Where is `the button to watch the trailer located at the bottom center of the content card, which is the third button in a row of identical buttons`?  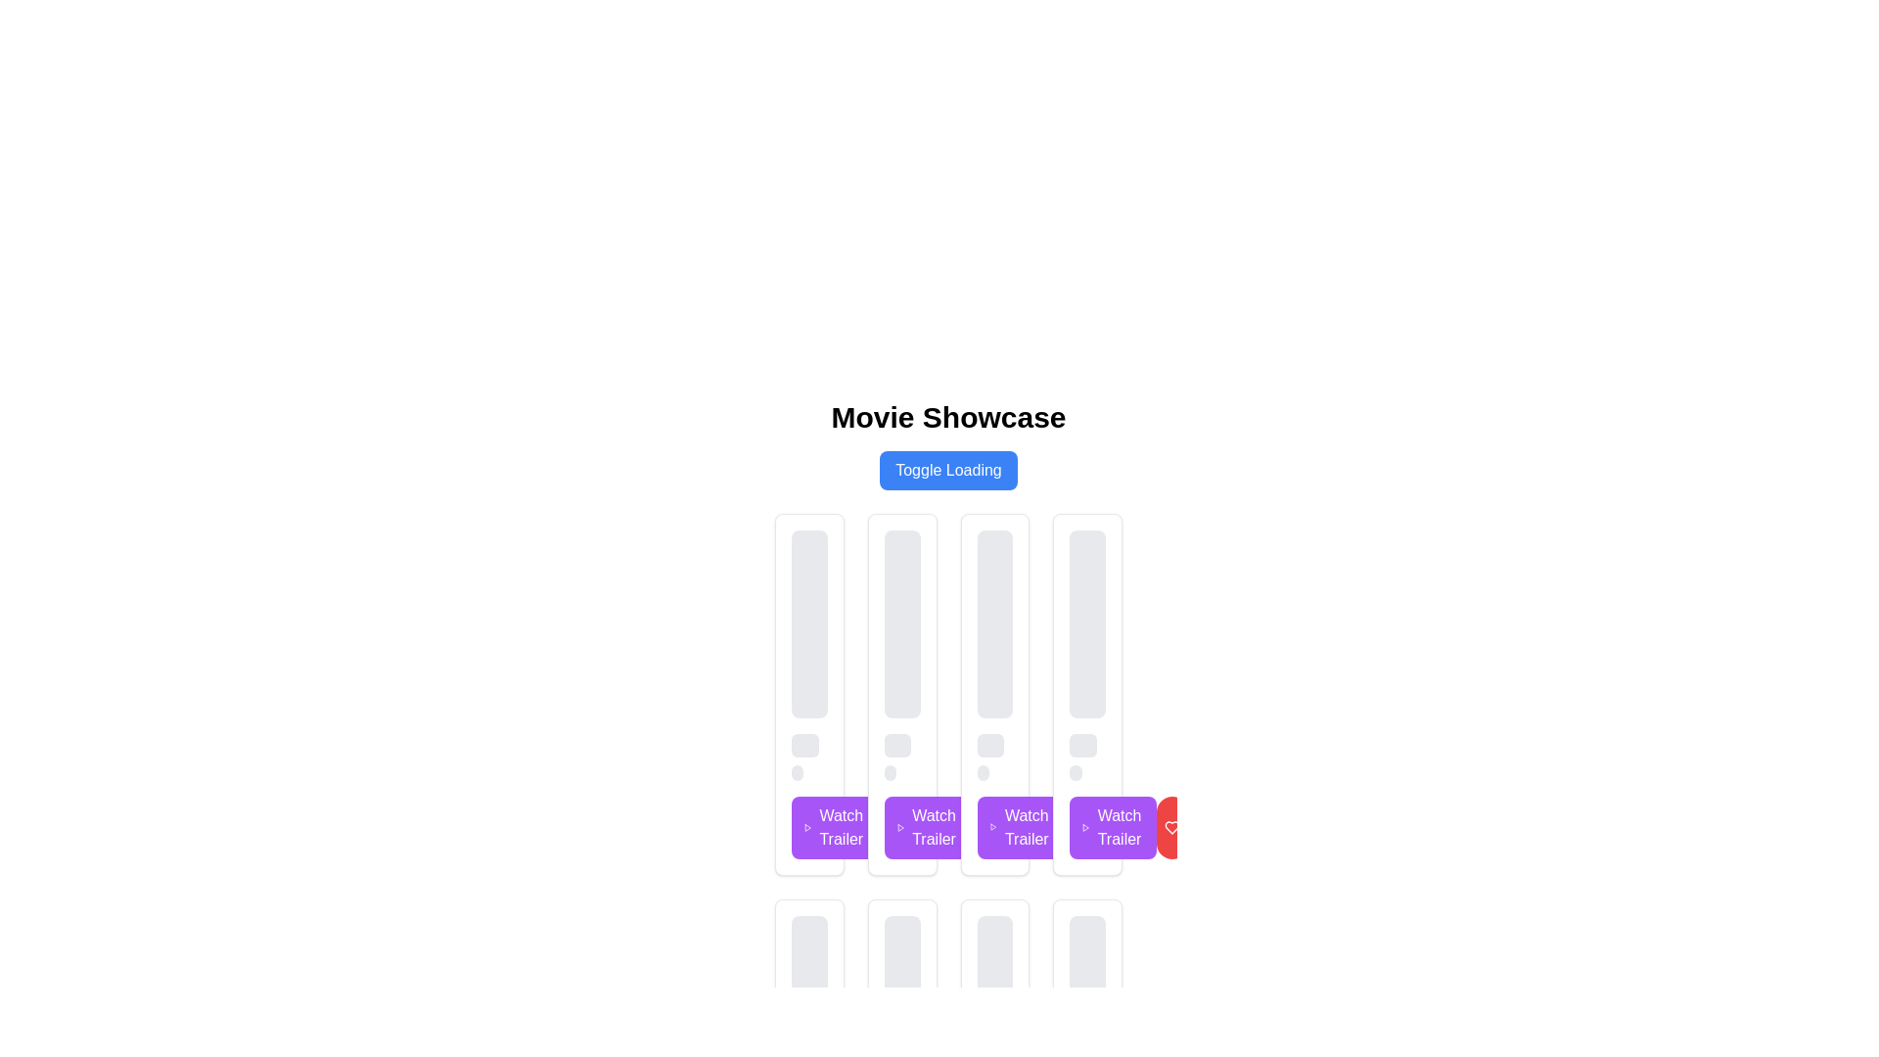
the button to watch the trailer located at the bottom center of the content card, which is the third button in a row of identical buttons is located at coordinates (994, 827).